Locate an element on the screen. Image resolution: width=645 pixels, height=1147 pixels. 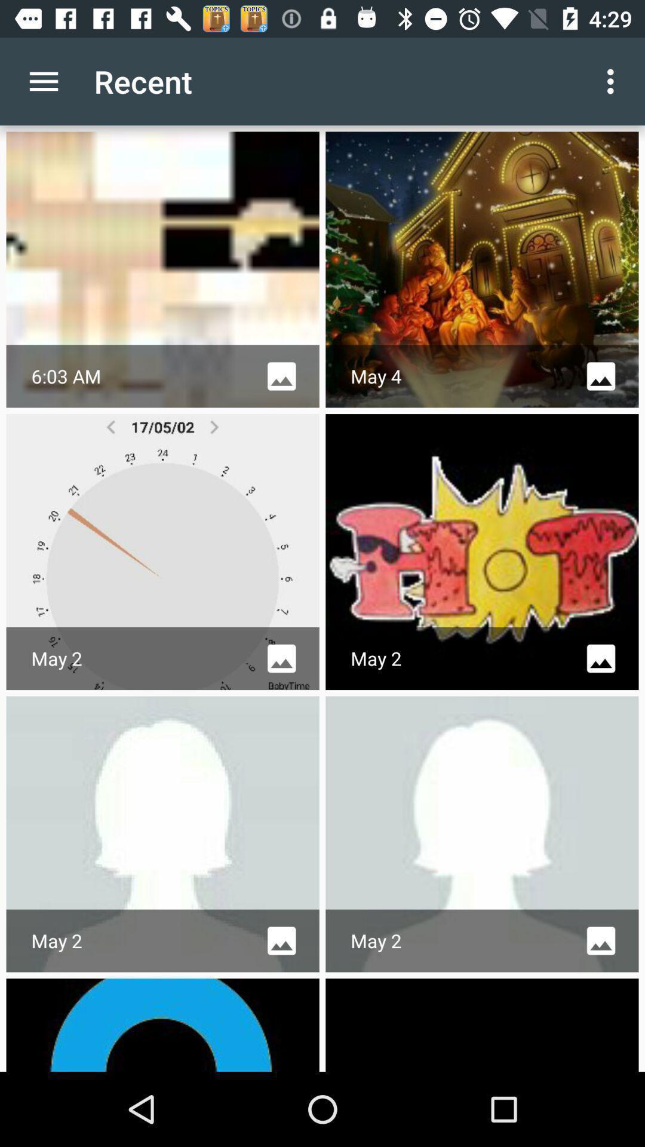
the second image icon in second row is located at coordinates (601, 658).